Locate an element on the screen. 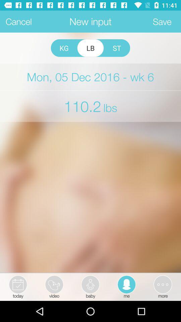 The width and height of the screenshot is (181, 322). app below the new input is located at coordinates (90, 48).